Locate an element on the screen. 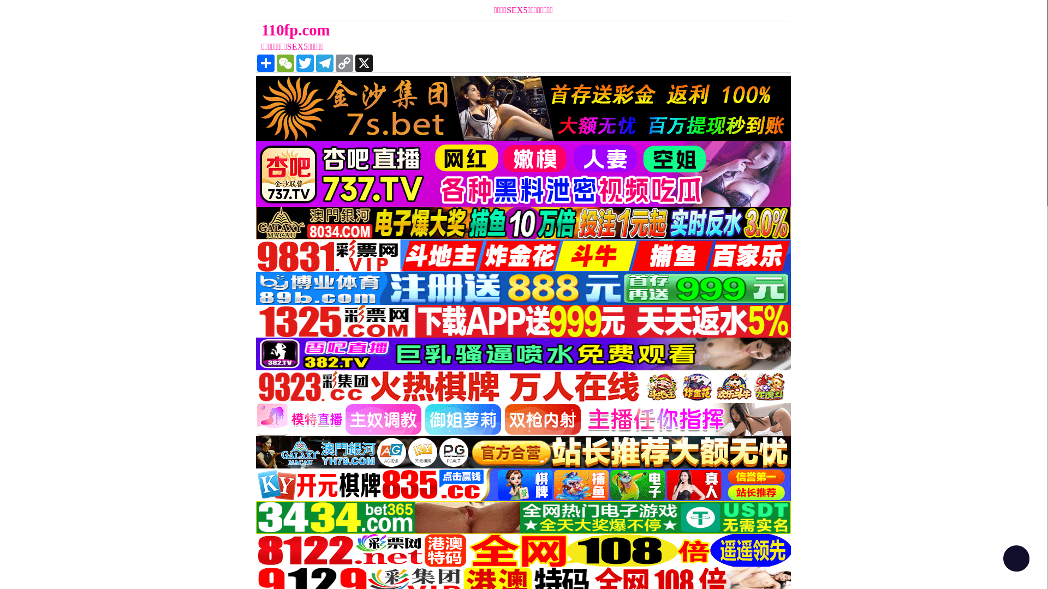 The width and height of the screenshot is (1048, 589). 'Twitter' is located at coordinates (305, 63).